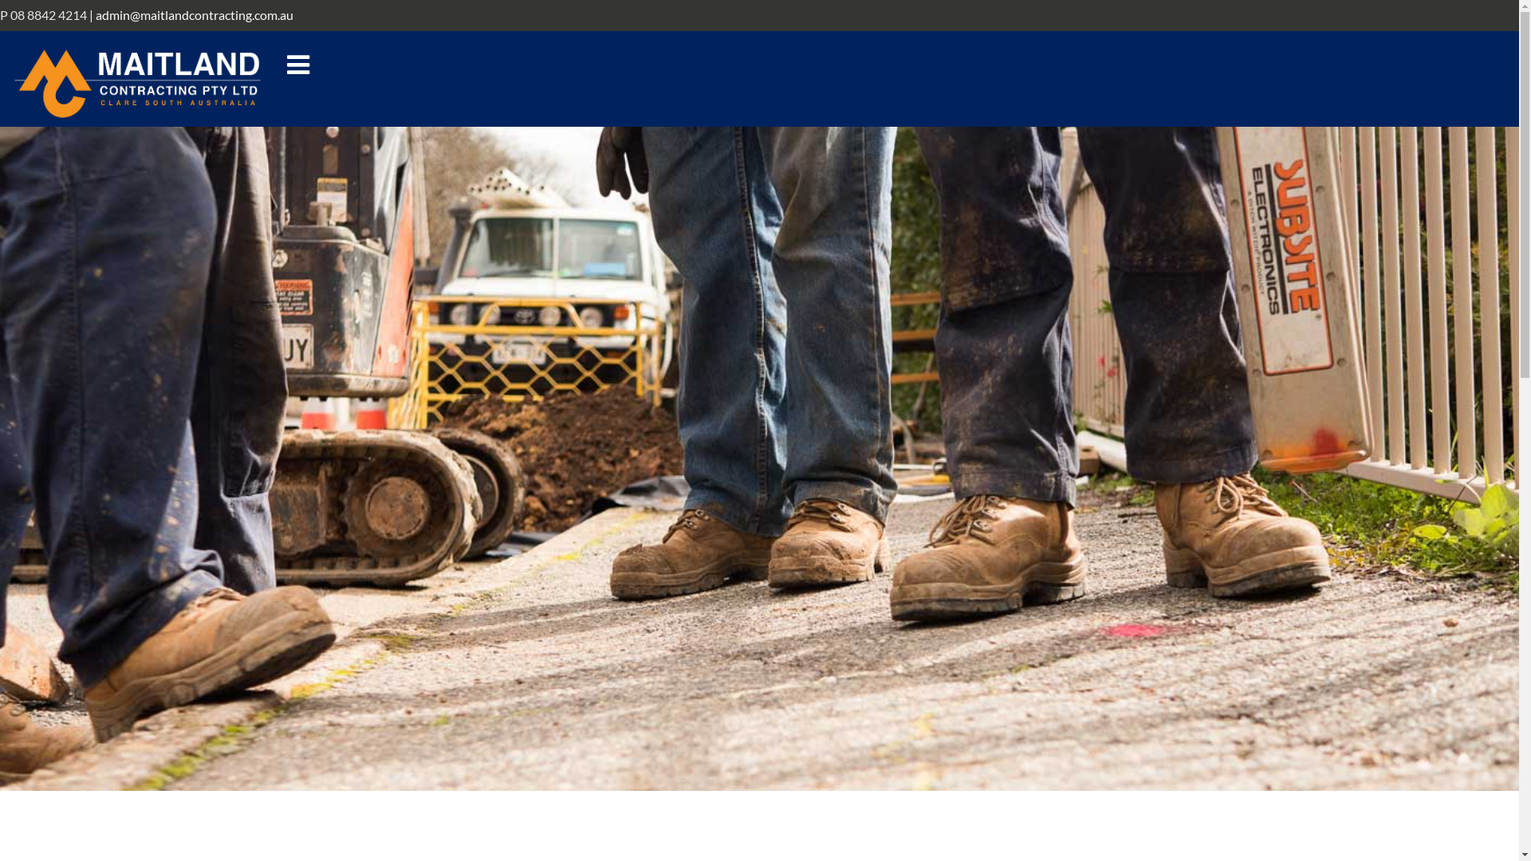 This screenshot has width=1531, height=861. Describe the element at coordinates (0, 14) in the screenshot. I see `'P 08 8842 4214'` at that location.